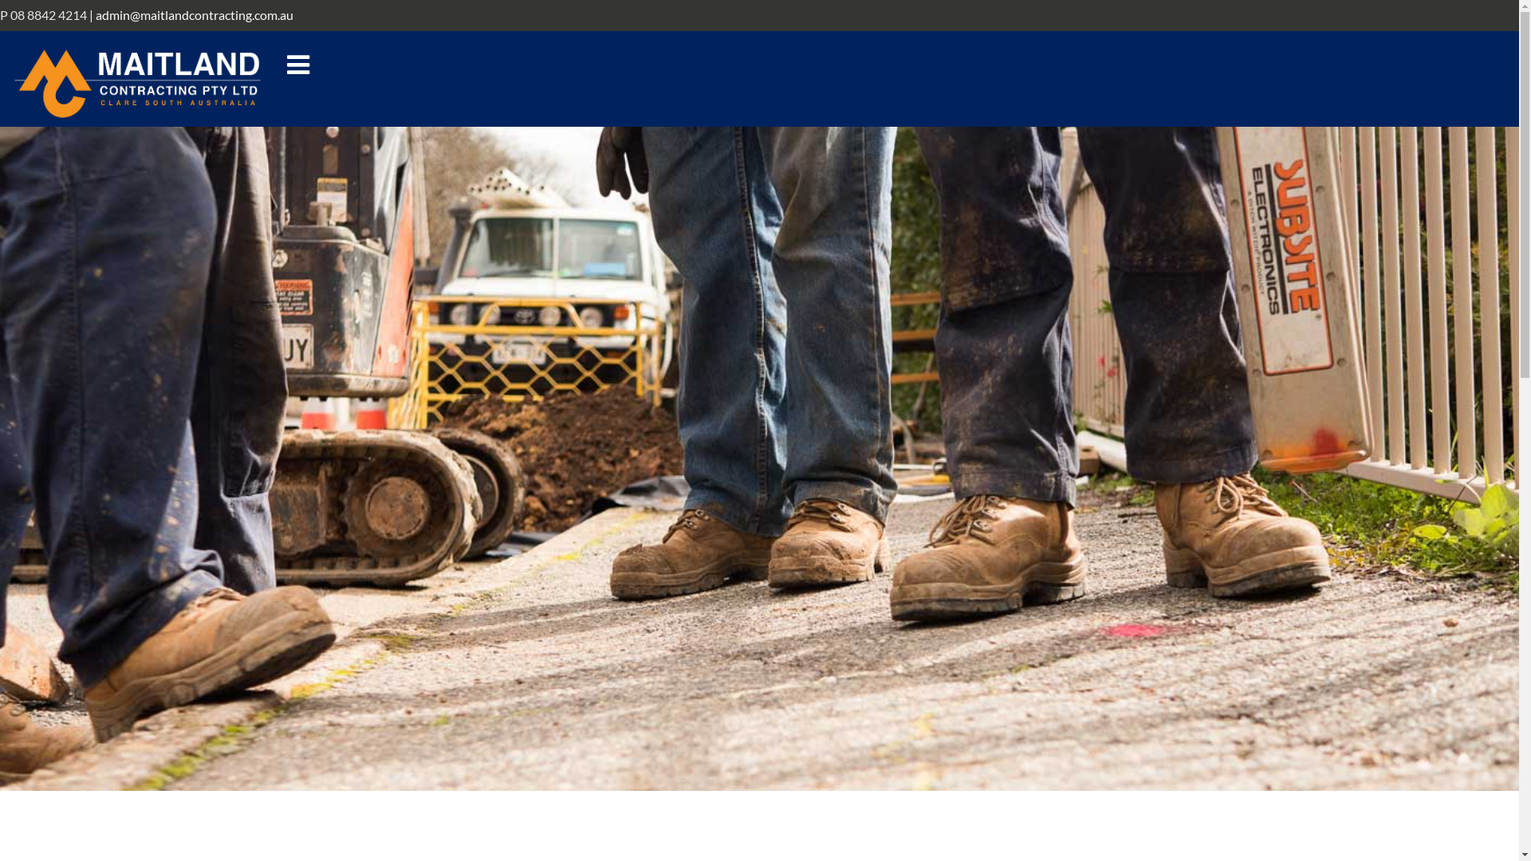 This screenshot has width=1531, height=861. Describe the element at coordinates (0, 14) in the screenshot. I see `'P 08 8842 4214'` at that location.